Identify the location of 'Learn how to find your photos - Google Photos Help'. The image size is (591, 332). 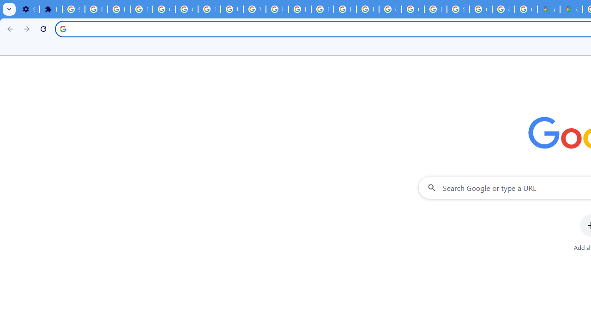
(118, 9).